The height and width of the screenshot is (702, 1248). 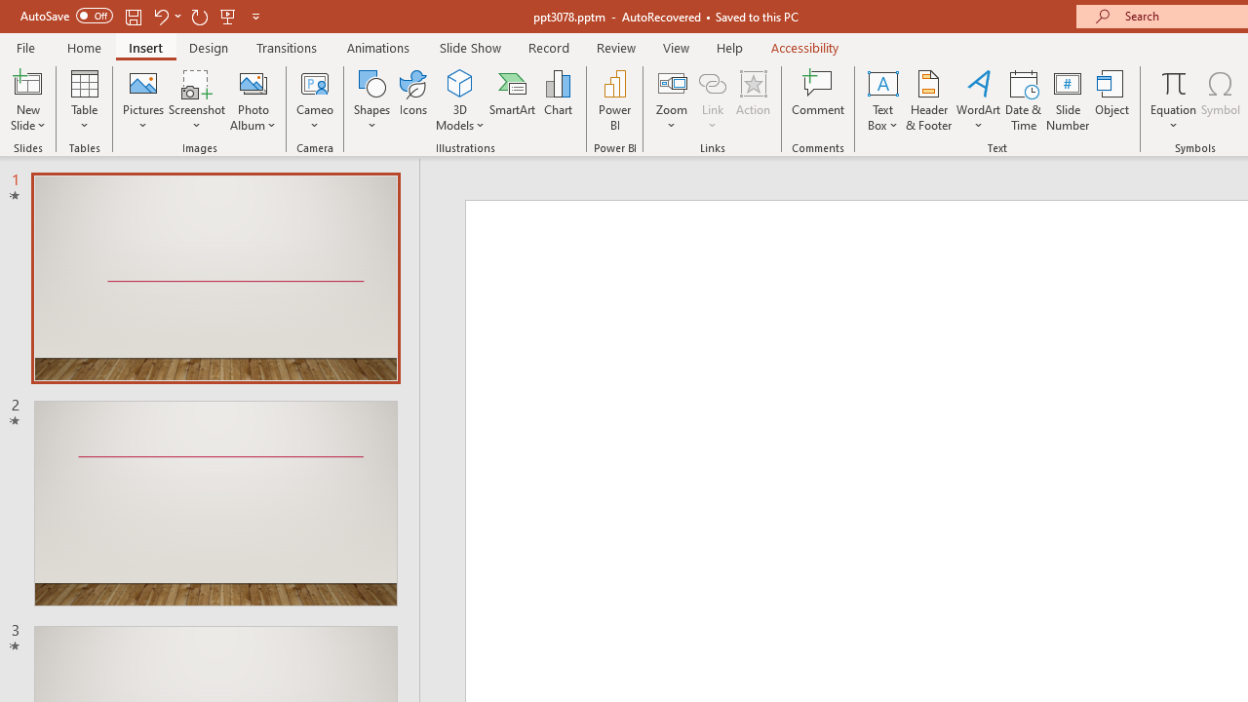 What do you see at coordinates (252, 82) in the screenshot?
I see `'New Photo Album...'` at bounding box center [252, 82].